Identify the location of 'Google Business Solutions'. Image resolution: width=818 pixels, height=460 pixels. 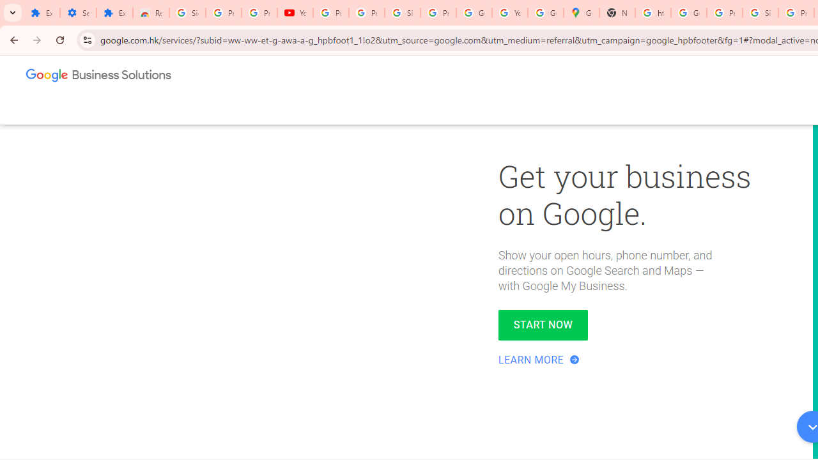
(98, 77).